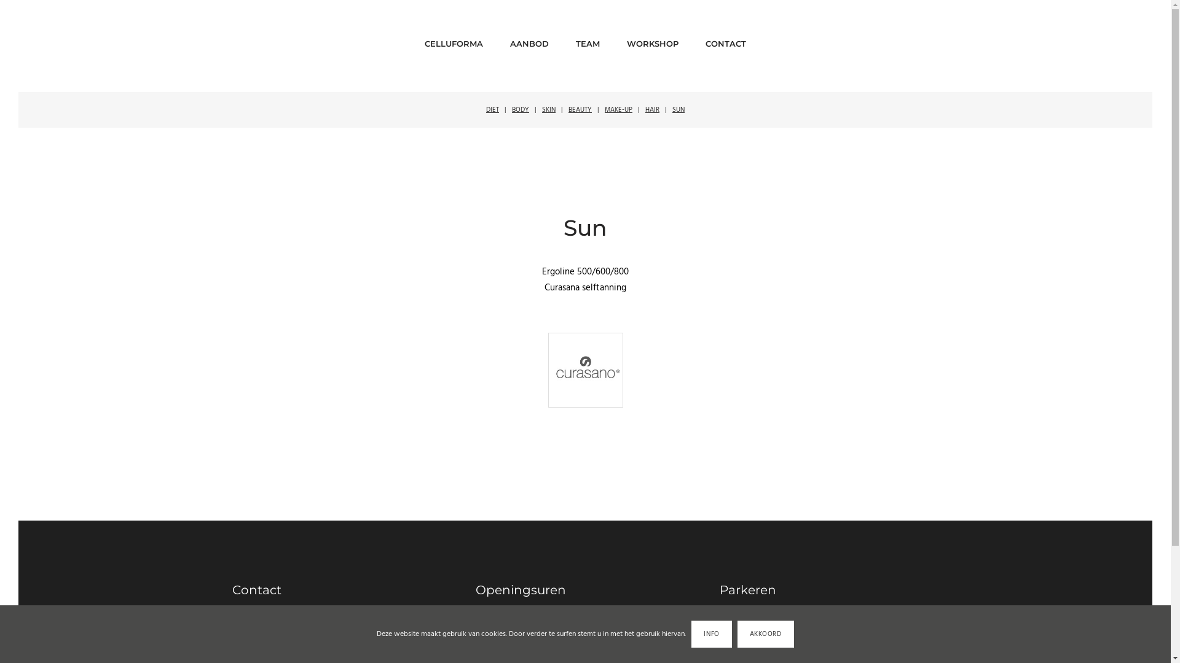 This screenshot has width=1180, height=663. I want to click on 'BODY', so click(520, 109).